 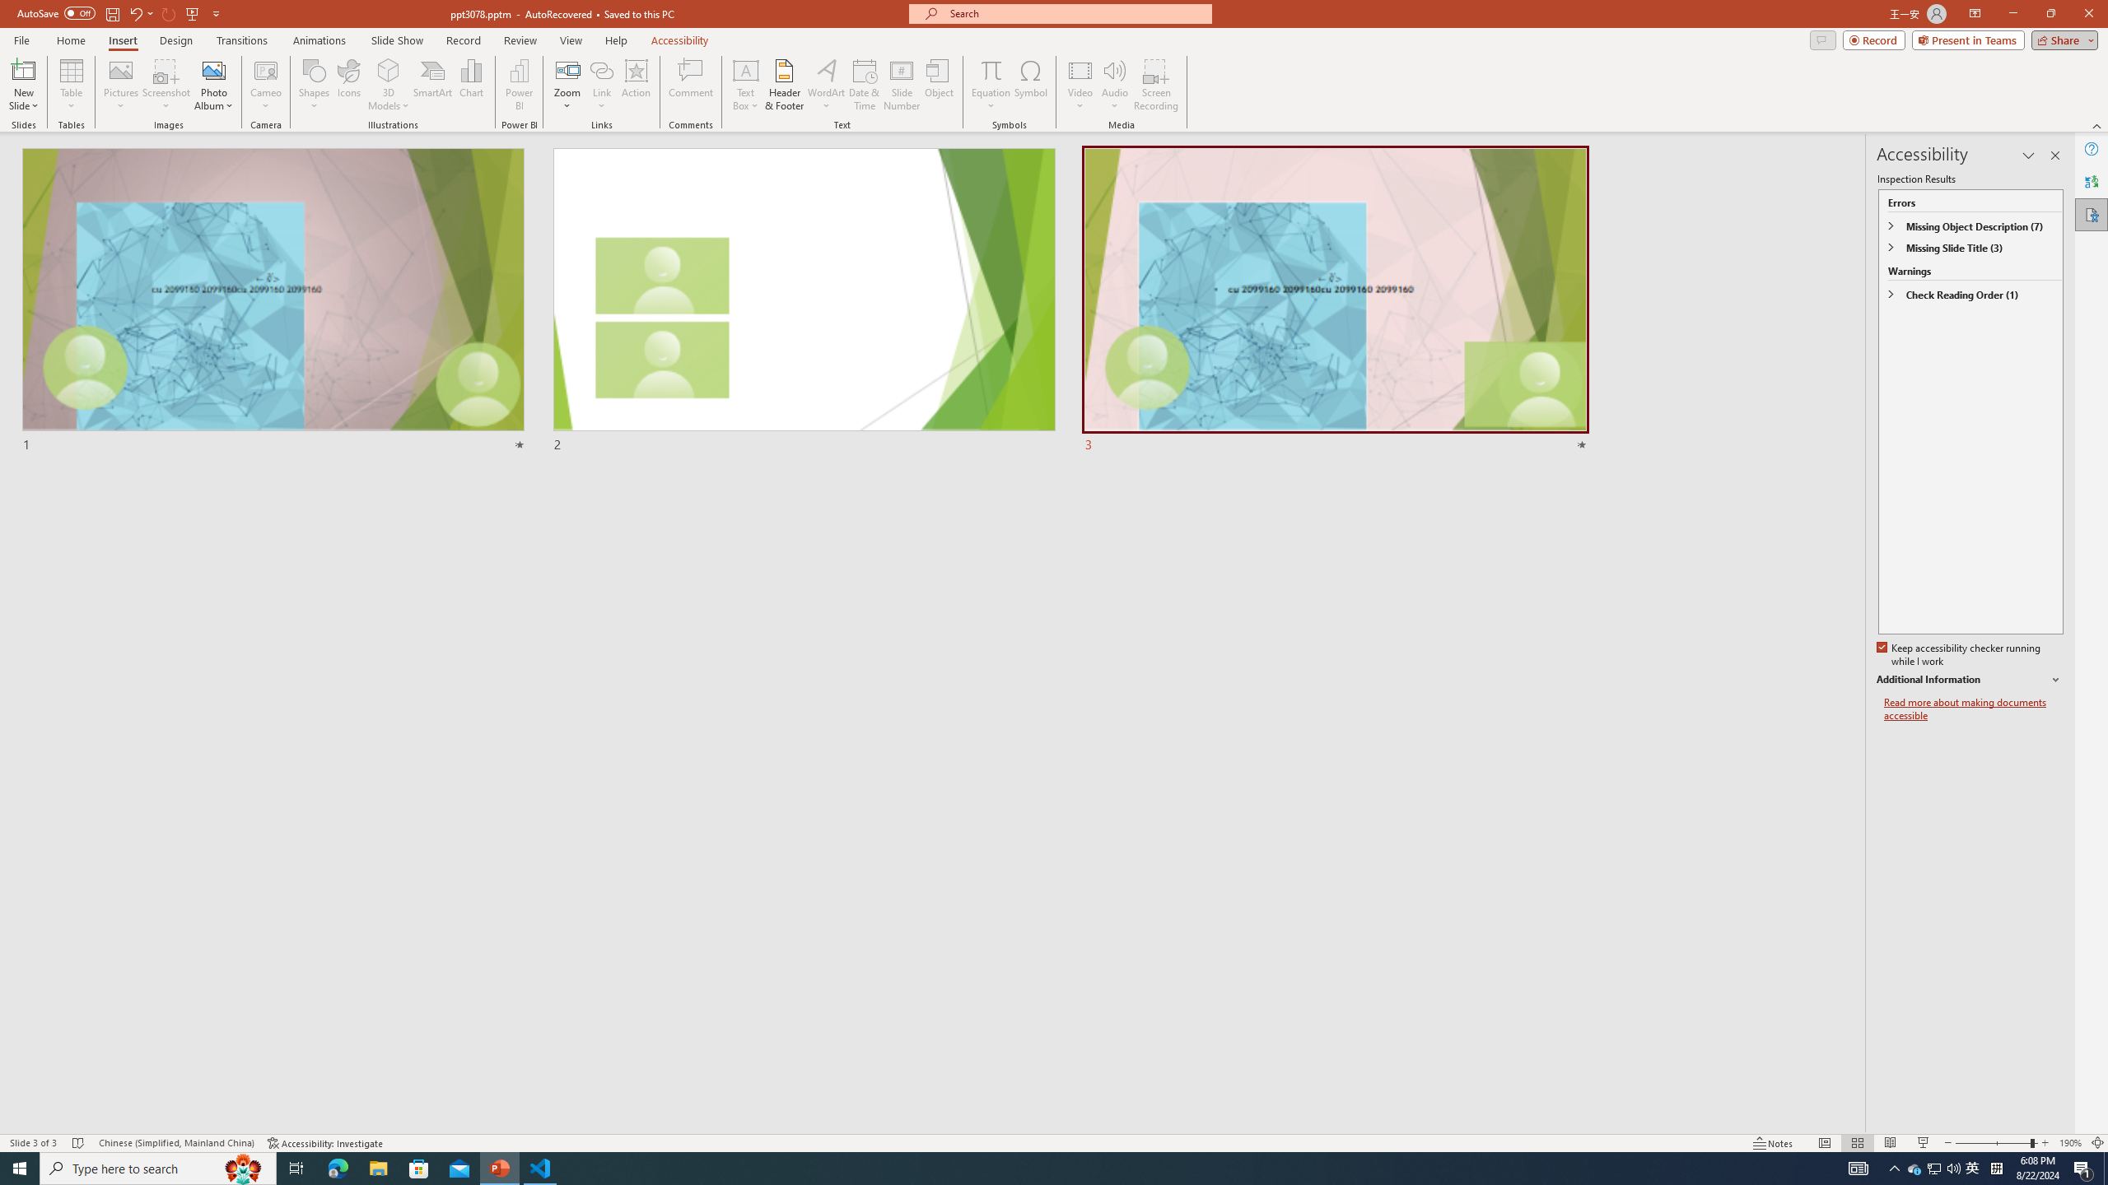 What do you see at coordinates (212, 85) in the screenshot?
I see `'Photo Album...'` at bounding box center [212, 85].